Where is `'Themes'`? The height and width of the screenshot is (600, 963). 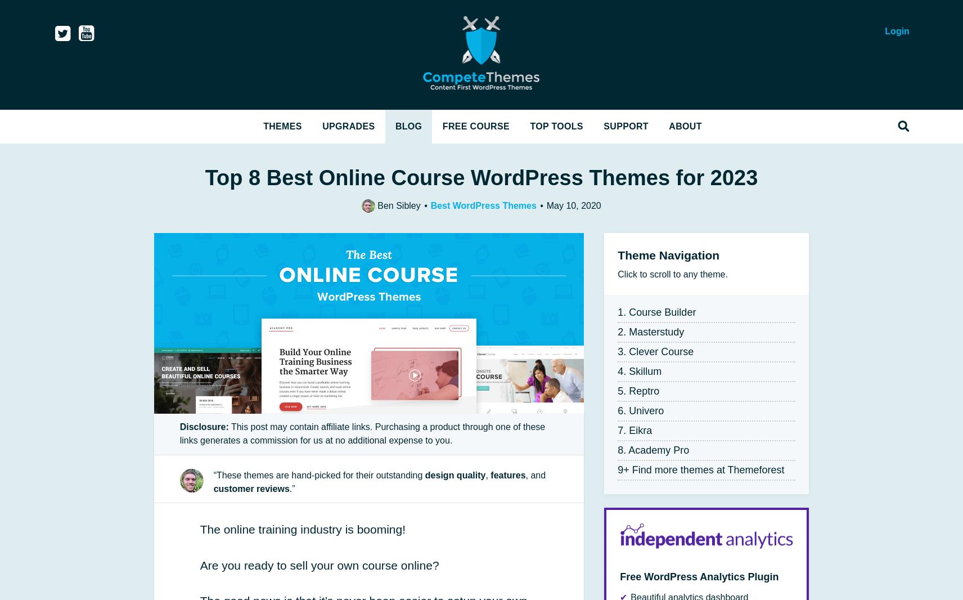
'Themes' is located at coordinates (263, 126).